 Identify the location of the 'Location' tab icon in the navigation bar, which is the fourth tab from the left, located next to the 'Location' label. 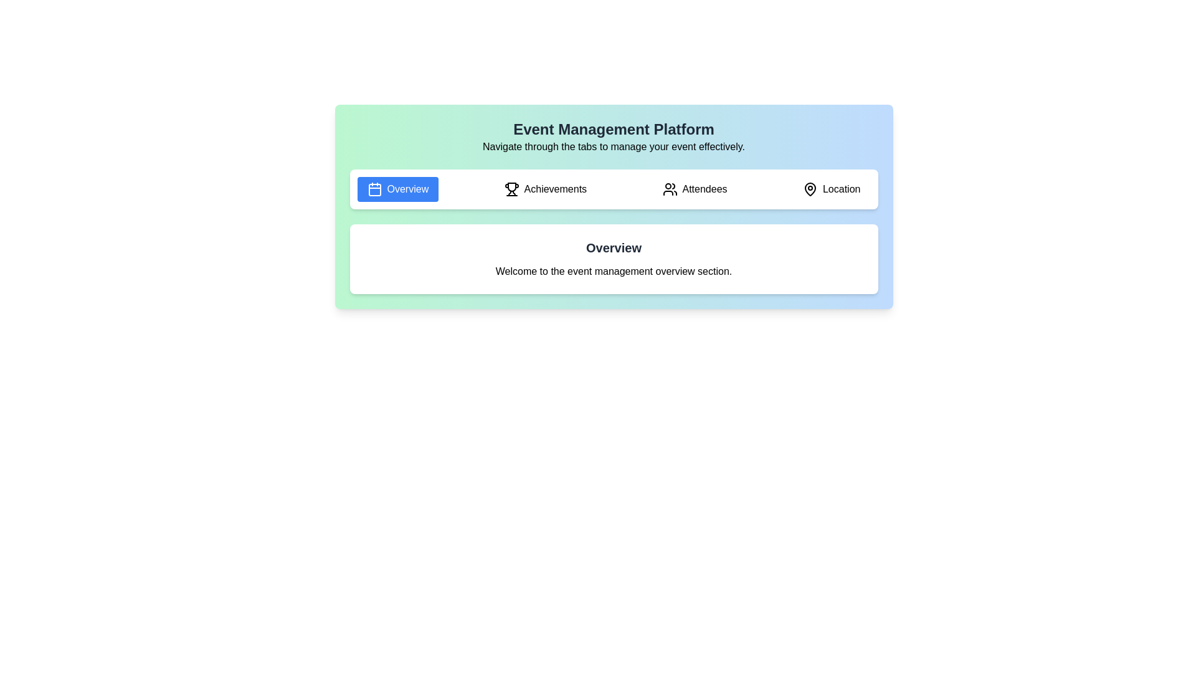
(810, 189).